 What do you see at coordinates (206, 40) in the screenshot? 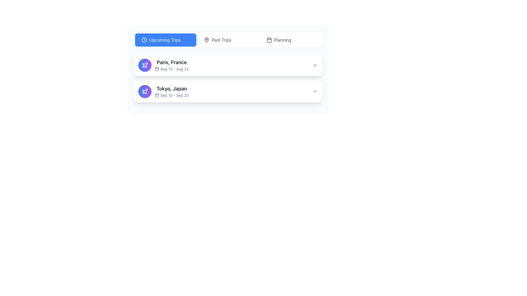
I see `the pin icon representing the 'Past Trips' section, which is located at the left of the 'Past Trips' tab in the navigation bar` at bounding box center [206, 40].